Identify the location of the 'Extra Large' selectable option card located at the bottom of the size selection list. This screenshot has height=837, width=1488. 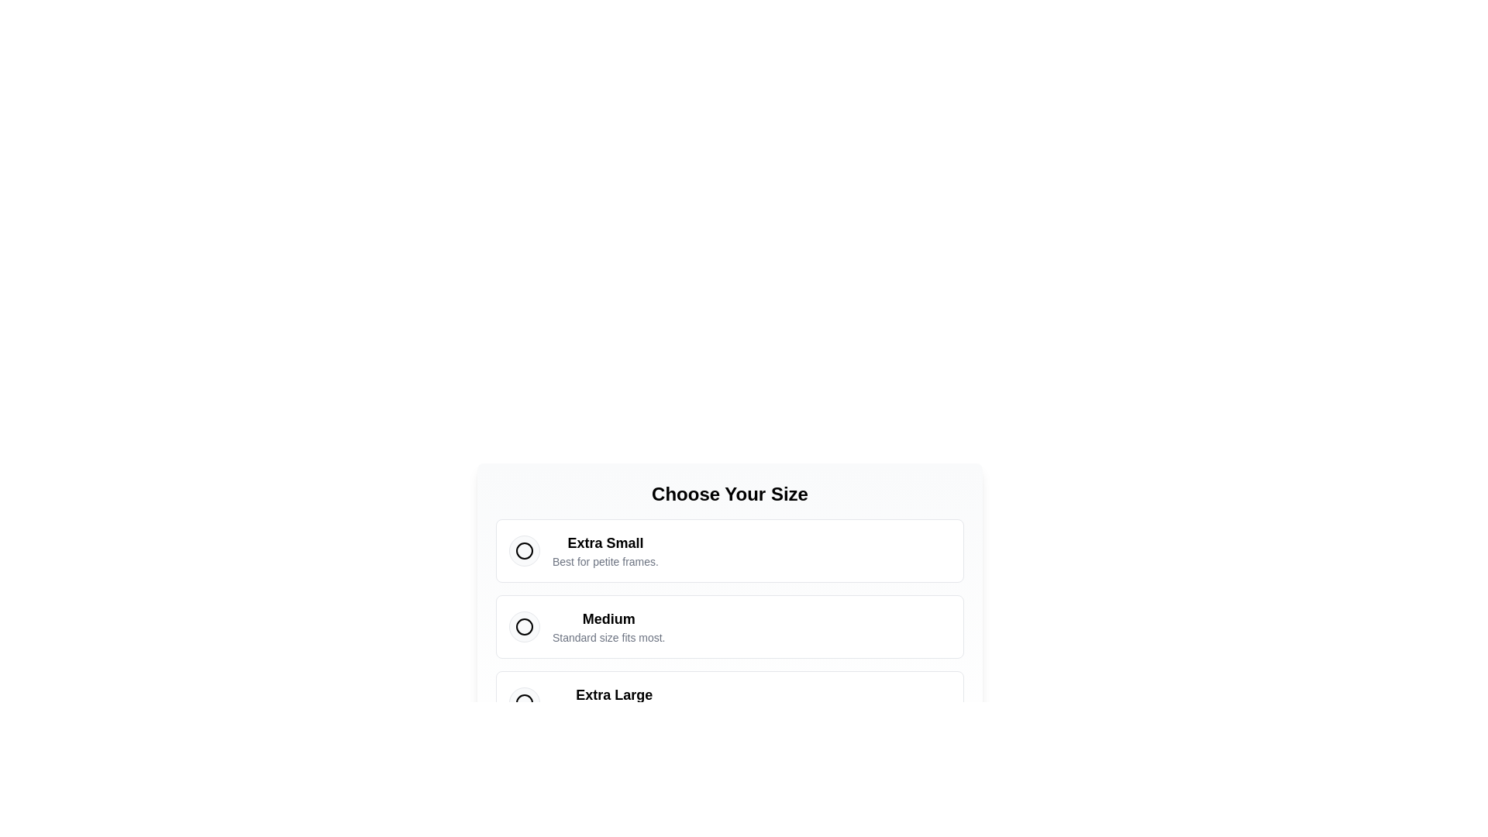
(728, 702).